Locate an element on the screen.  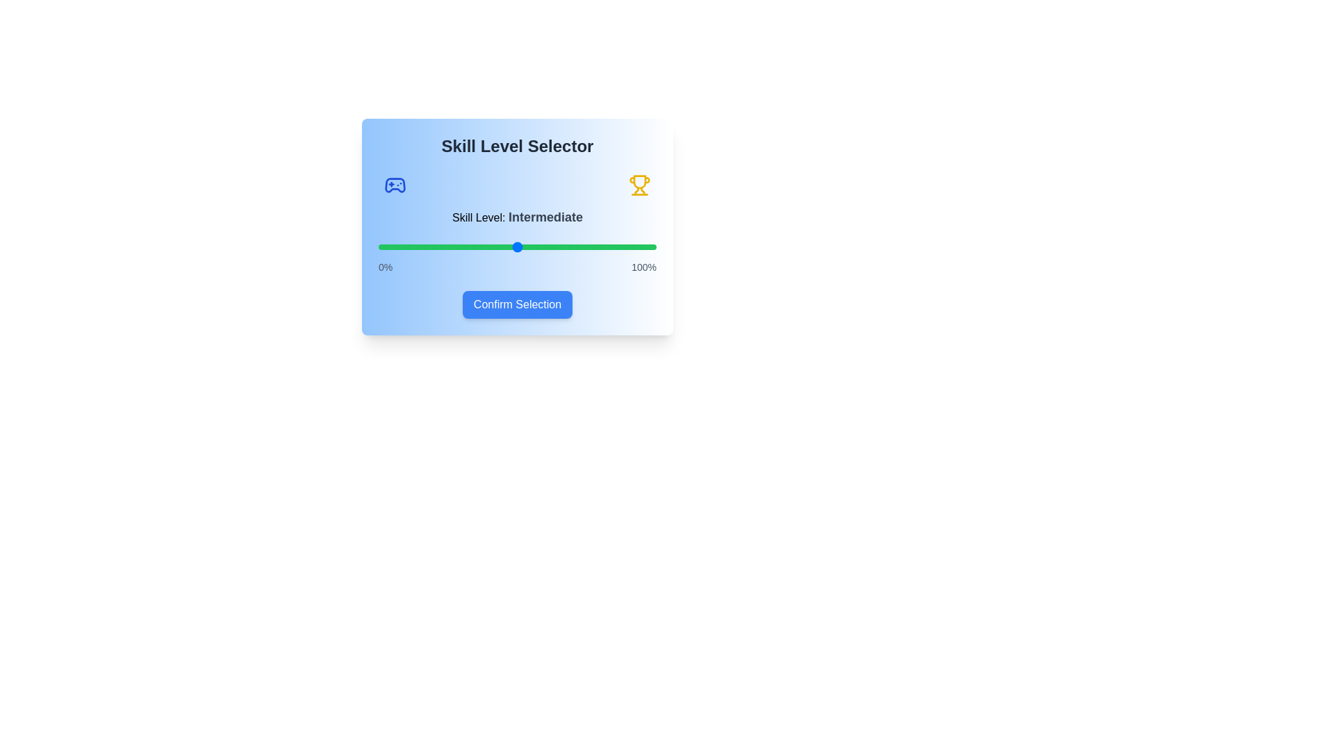
the skill level slider to 57%, where 57 is a value between 0 and 100 is located at coordinates (536, 246).